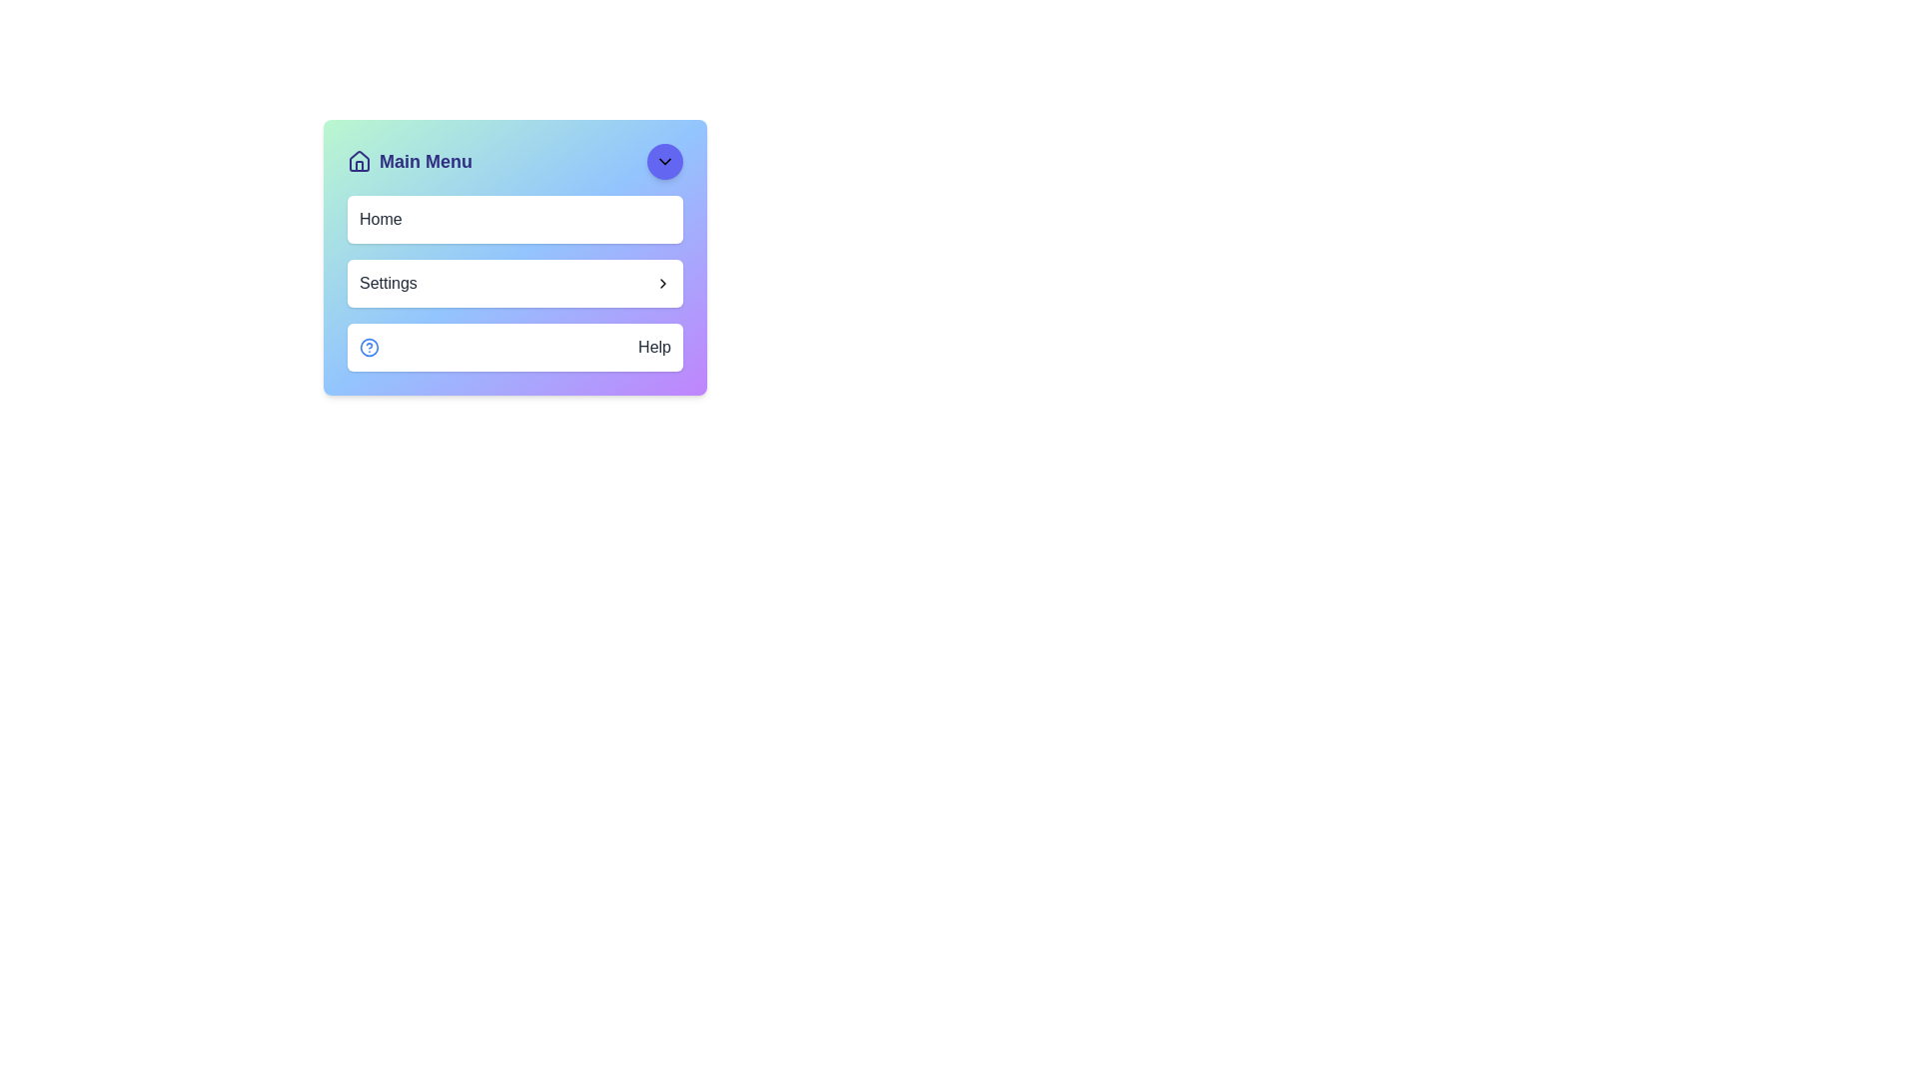  Describe the element at coordinates (665, 161) in the screenshot. I see `the chevron icon styled as a downward triangle, which is enclosed in a circular button with a blue background, located to the right of the 'Main Menu' label in the top-right area of the main UI menu` at that location.